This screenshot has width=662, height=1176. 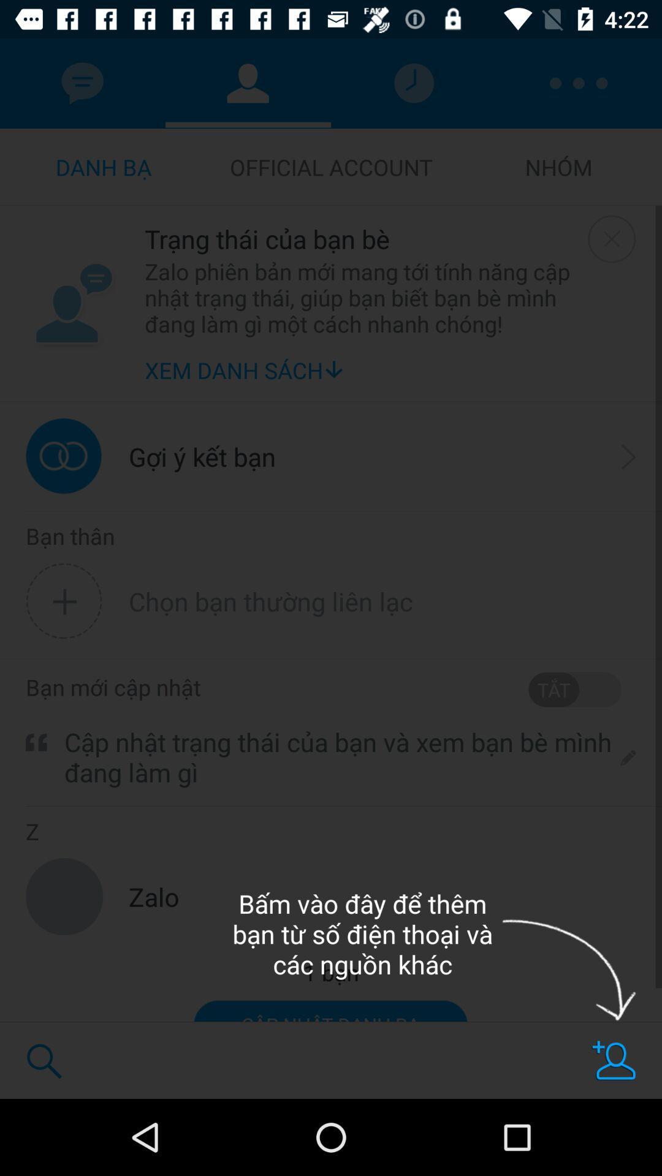 What do you see at coordinates (614, 1060) in the screenshot?
I see `the follow icon` at bounding box center [614, 1060].